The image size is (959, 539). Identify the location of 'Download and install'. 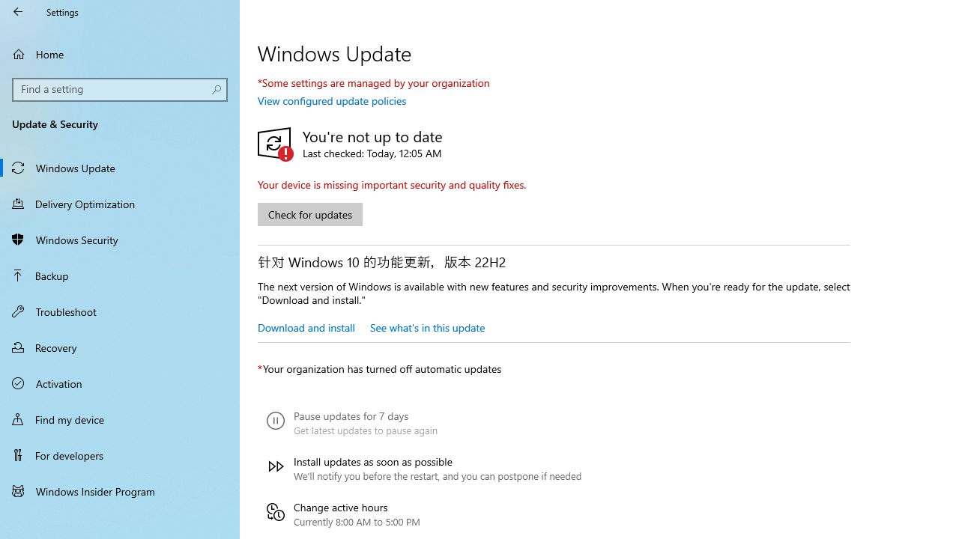
(305, 326).